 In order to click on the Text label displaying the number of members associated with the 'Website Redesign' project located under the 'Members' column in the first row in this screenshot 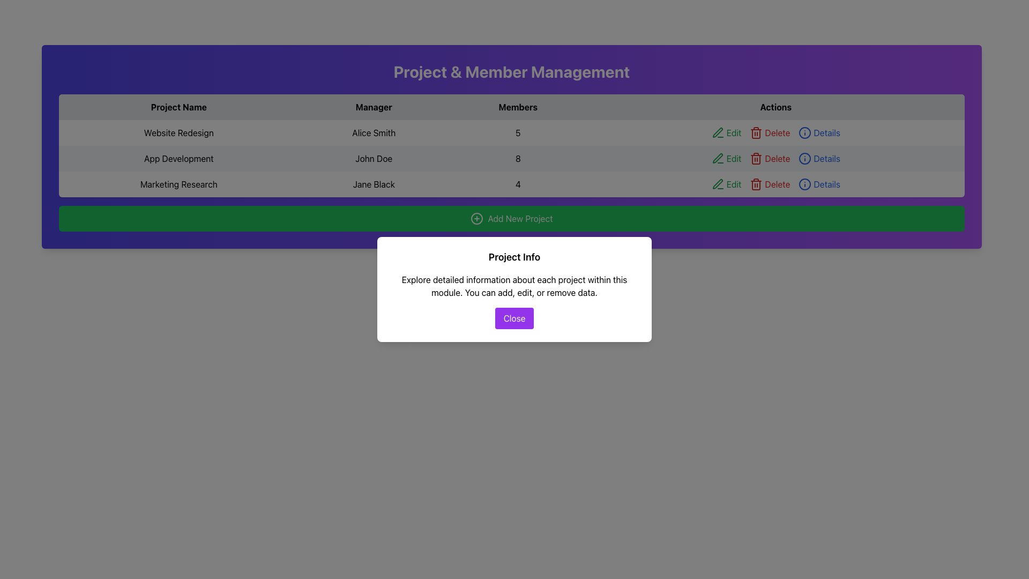, I will do `click(511, 132)`.